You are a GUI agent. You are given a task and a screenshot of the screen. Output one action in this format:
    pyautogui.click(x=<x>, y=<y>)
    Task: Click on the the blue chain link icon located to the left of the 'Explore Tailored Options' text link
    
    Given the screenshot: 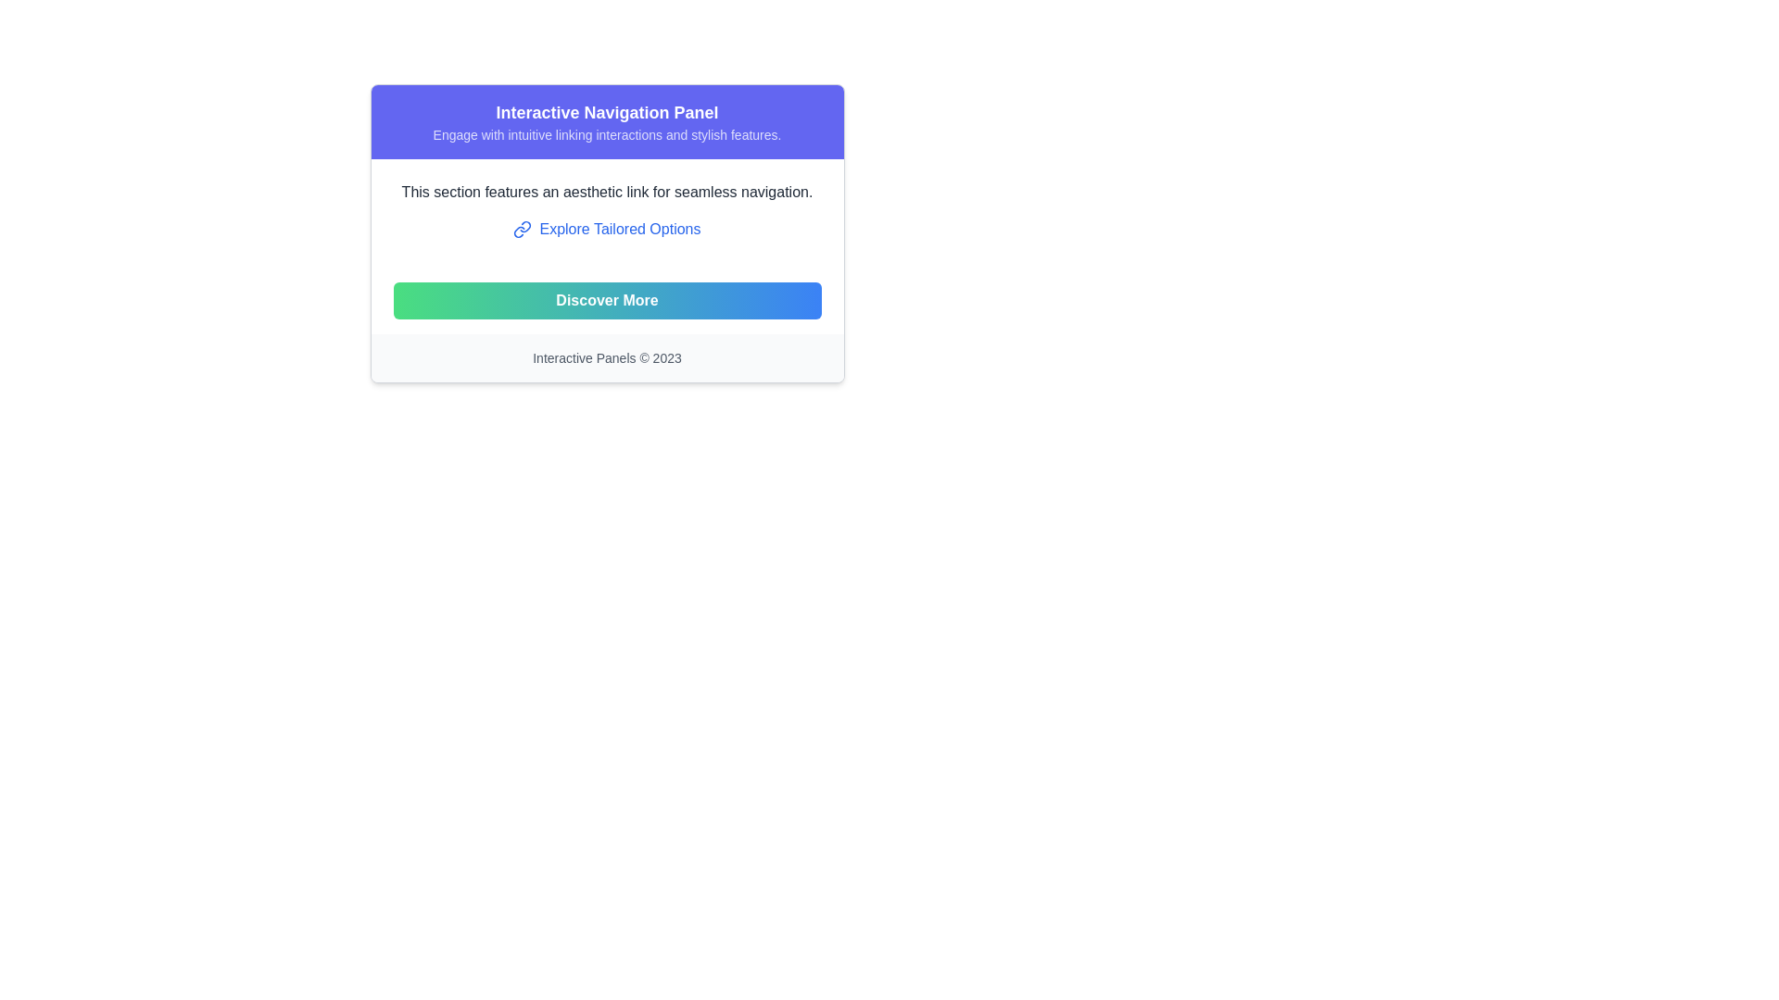 What is the action you would take?
    pyautogui.click(x=522, y=228)
    